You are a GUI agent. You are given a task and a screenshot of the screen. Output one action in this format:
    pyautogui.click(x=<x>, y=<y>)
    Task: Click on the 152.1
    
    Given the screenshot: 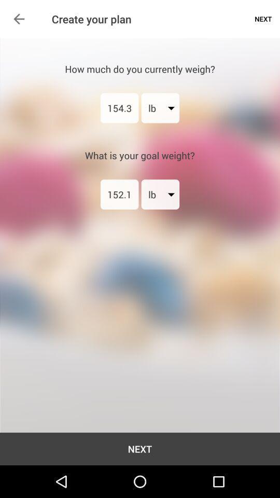 What is the action you would take?
    pyautogui.click(x=119, y=193)
    